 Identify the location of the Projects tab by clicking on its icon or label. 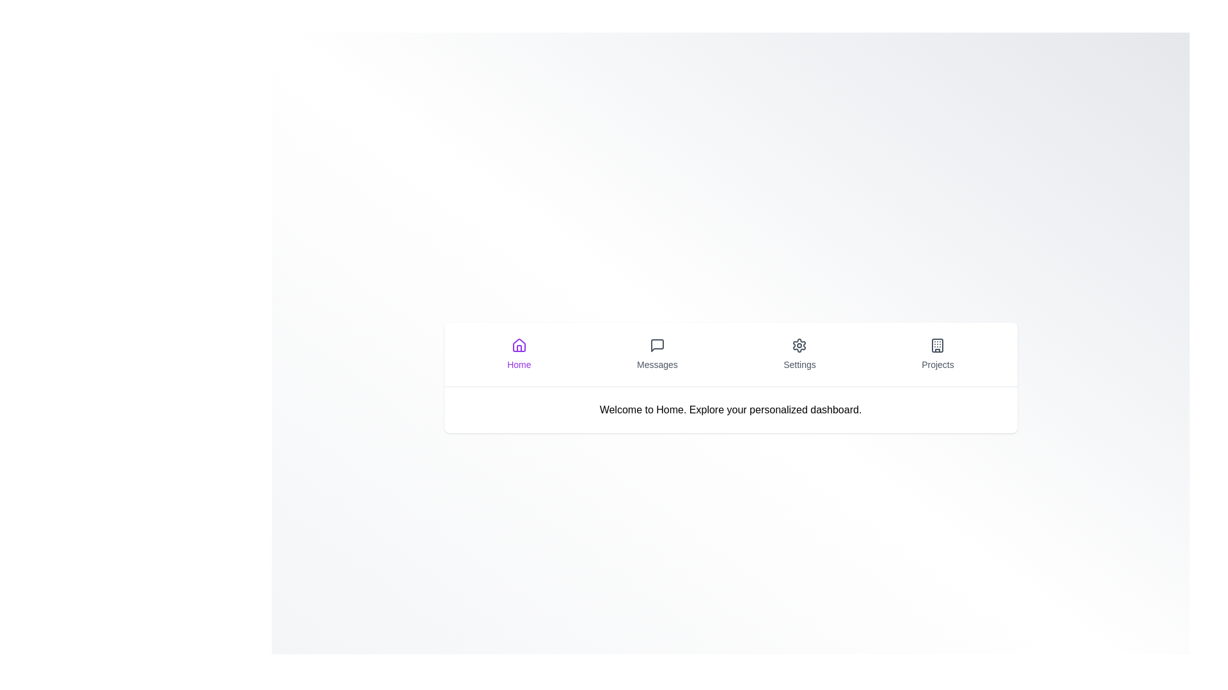
(938, 354).